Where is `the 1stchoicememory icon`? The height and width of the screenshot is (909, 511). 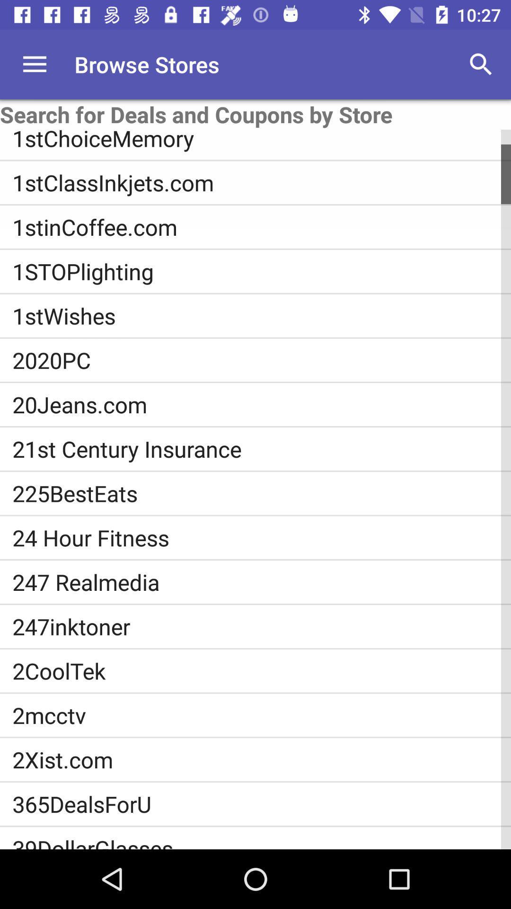
the 1stchoicememory icon is located at coordinates (262, 141).